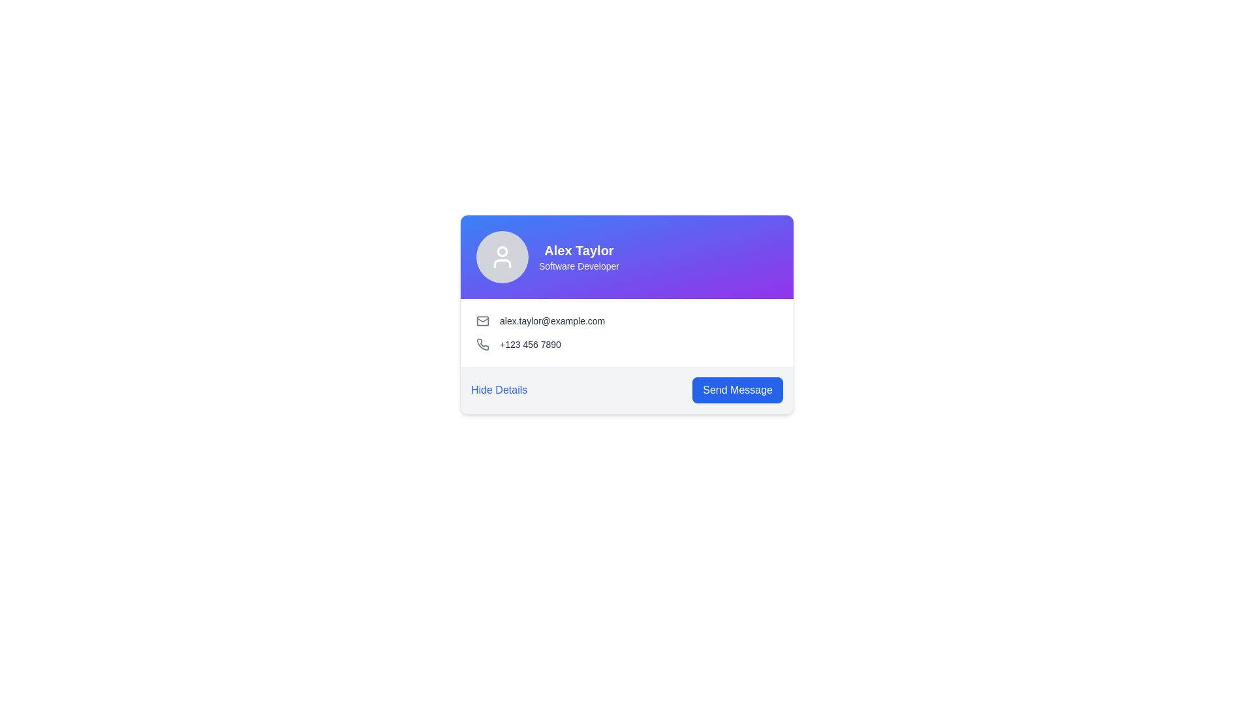 Image resolution: width=1253 pixels, height=705 pixels. Describe the element at coordinates (530, 344) in the screenshot. I see `the phone number text label displayed in the contact card, located in the second row to the right of the phone icon` at that location.